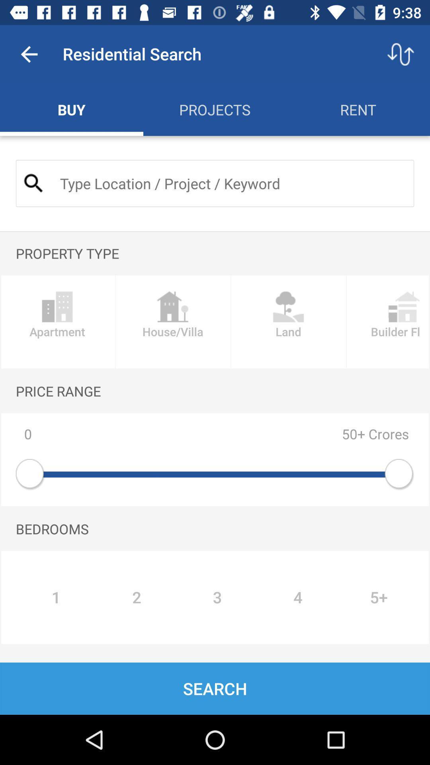 The height and width of the screenshot is (765, 430). Describe the element at coordinates (379, 597) in the screenshot. I see `the item below the bedrooms item` at that location.